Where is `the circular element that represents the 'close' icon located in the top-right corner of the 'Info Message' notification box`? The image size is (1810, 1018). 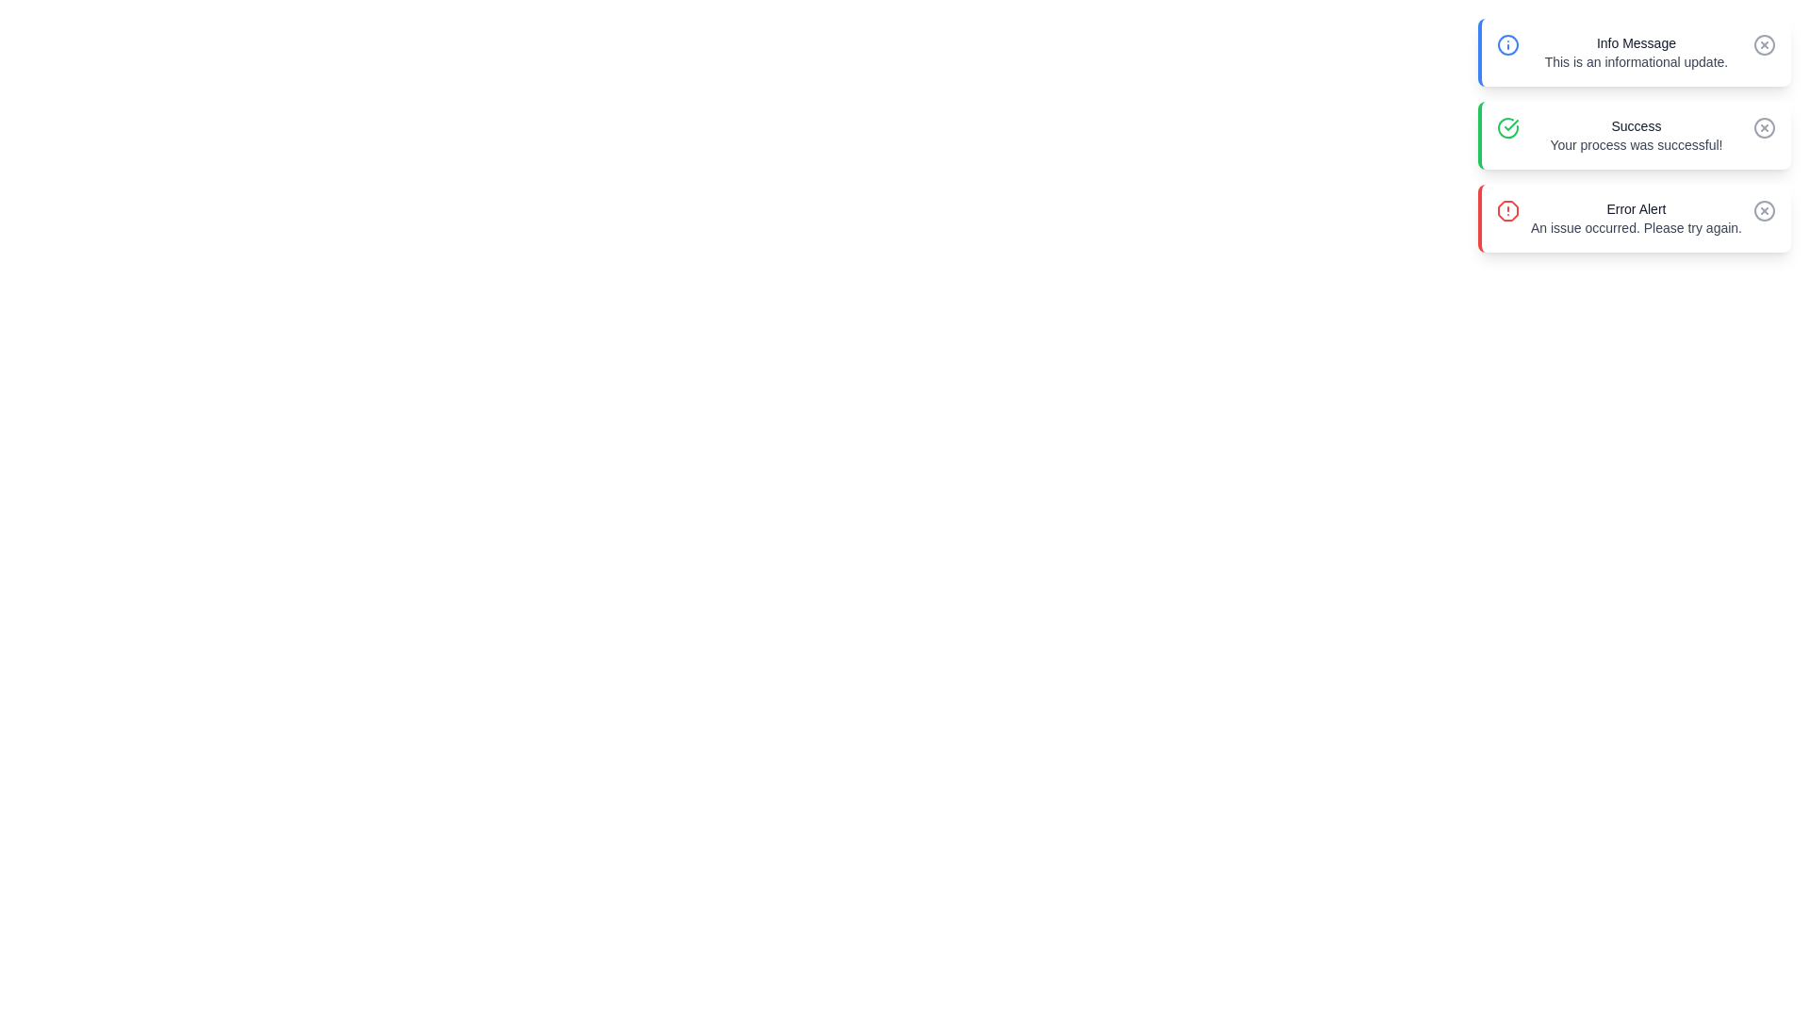
the circular element that represents the 'close' icon located in the top-right corner of the 'Info Message' notification box is located at coordinates (1764, 43).